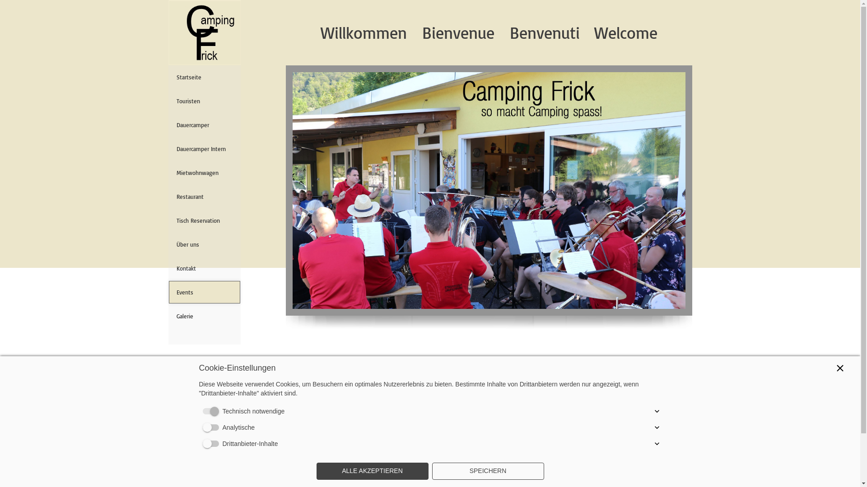  What do you see at coordinates (176, 125) in the screenshot?
I see `'Dauercamper'` at bounding box center [176, 125].